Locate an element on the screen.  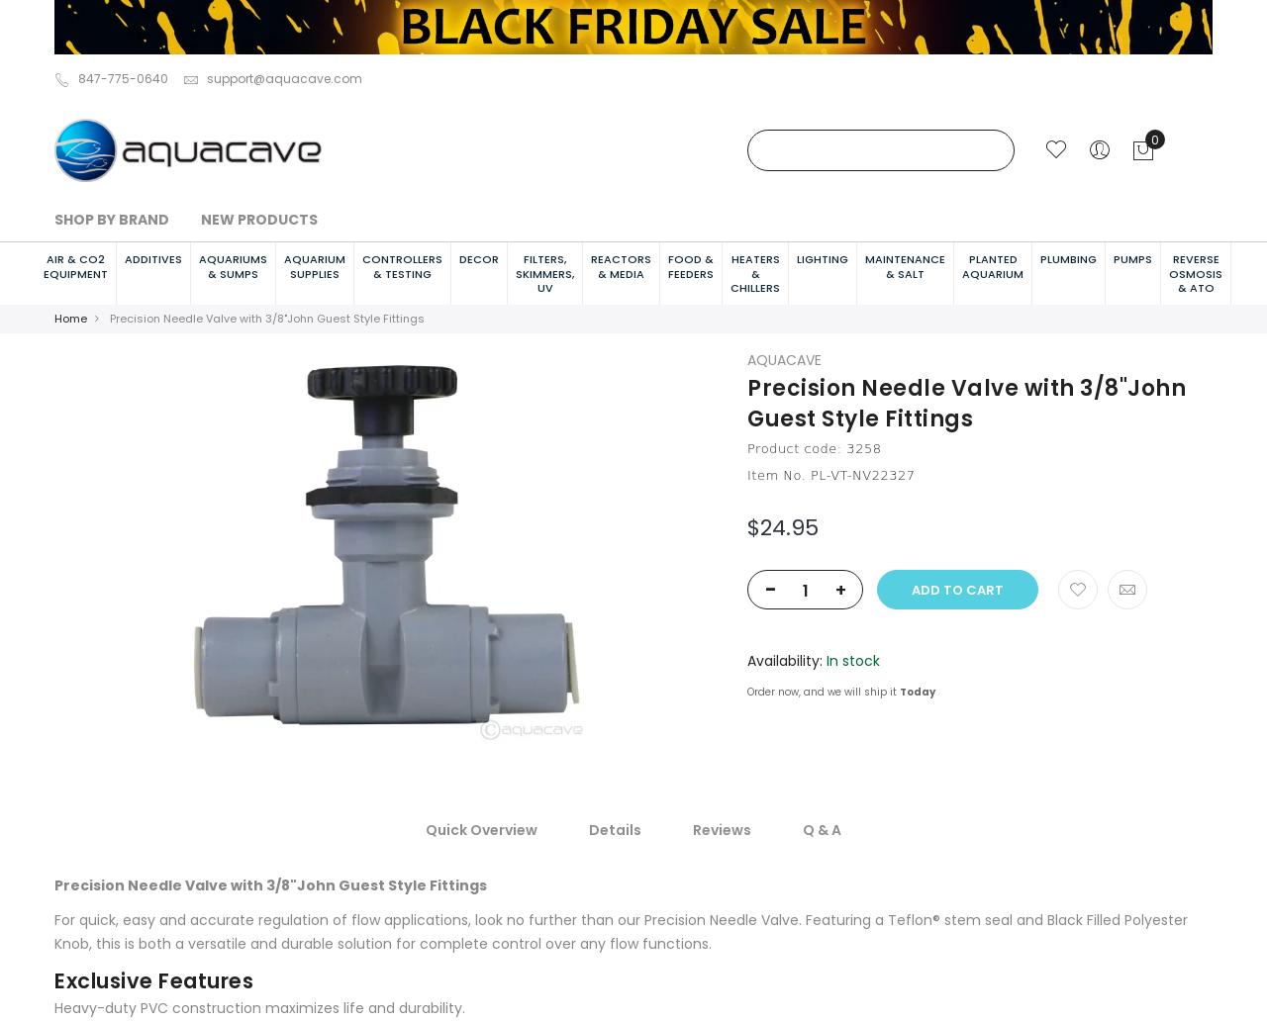
'Quick Overview' is located at coordinates (481, 830).